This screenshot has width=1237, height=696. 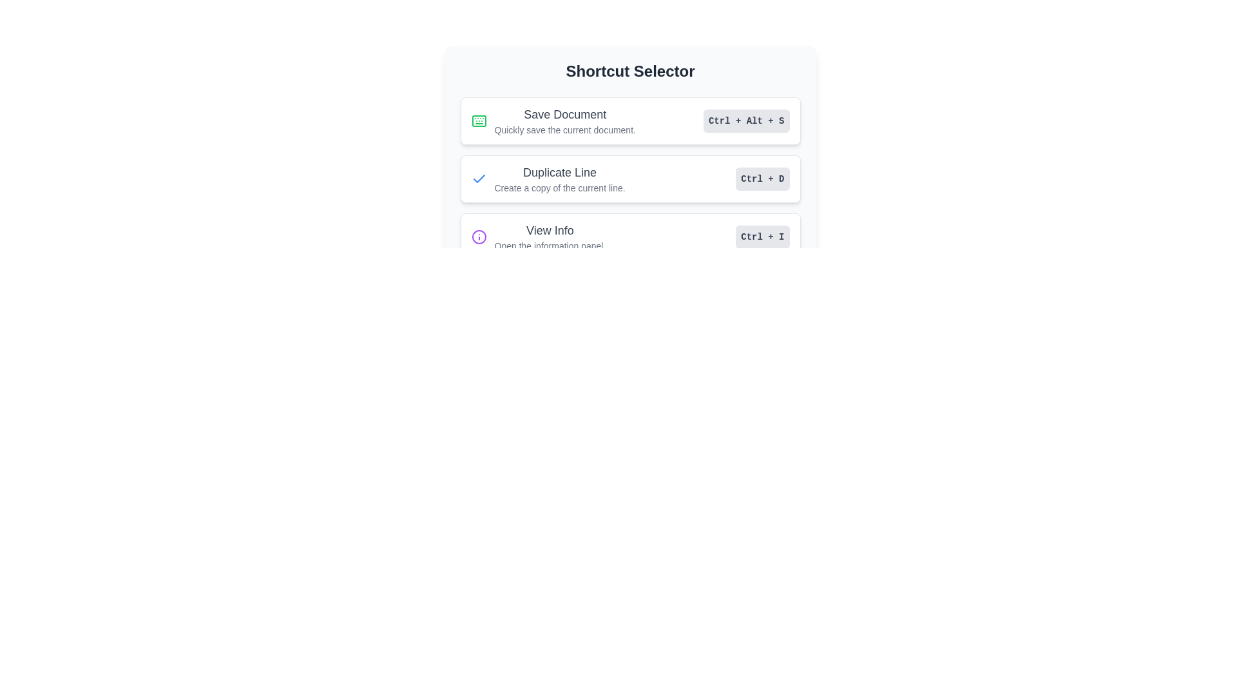 What do you see at coordinates (550, 237) in the screenshot?
I see `the 'View Info' text label in the 'Shortcut Selector' panel` at bounding box center [550, 237].